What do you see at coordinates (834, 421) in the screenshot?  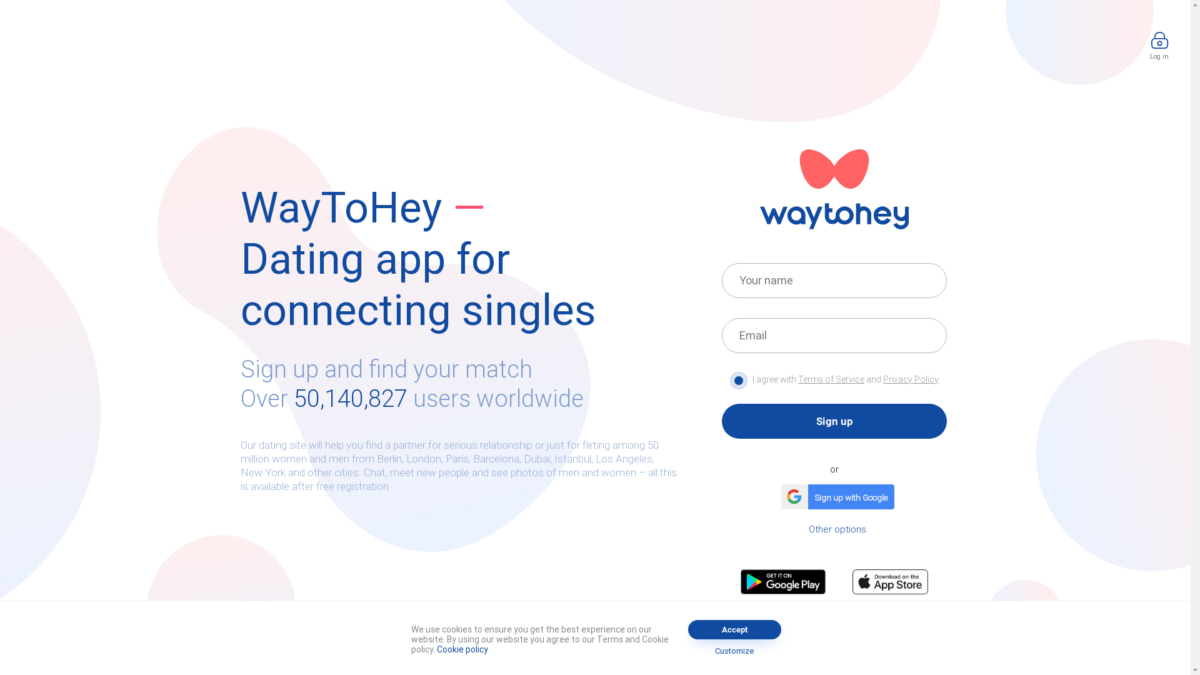 I see `'Sign up'` at bounding box center [834, 421].